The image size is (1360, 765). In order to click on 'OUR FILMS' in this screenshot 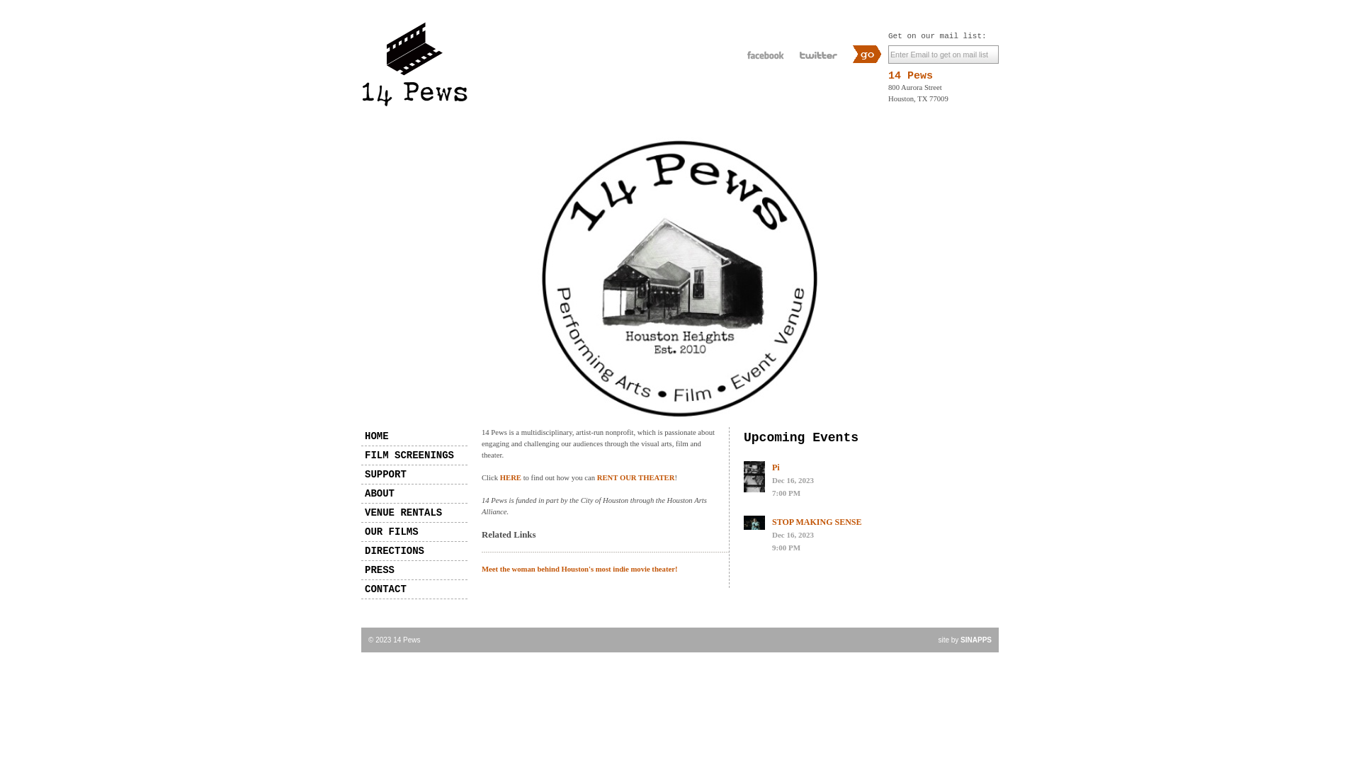, I will do `click(414, 532)`.